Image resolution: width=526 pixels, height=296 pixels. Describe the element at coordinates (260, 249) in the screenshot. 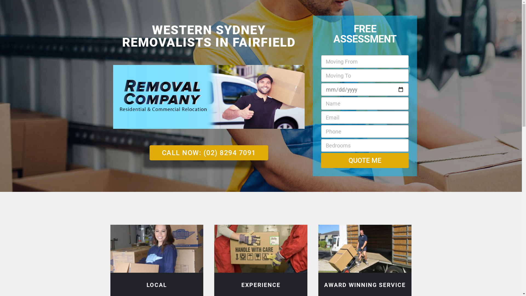

I see `'Experienced Removalists Fairfield'` at that location.